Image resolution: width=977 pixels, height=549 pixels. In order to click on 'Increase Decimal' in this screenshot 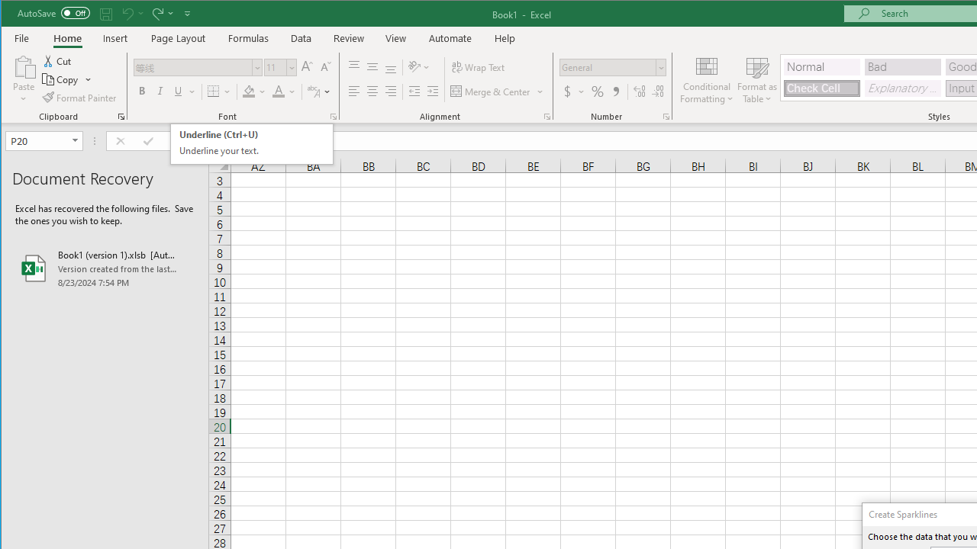, I will do `click(639, 91)`.